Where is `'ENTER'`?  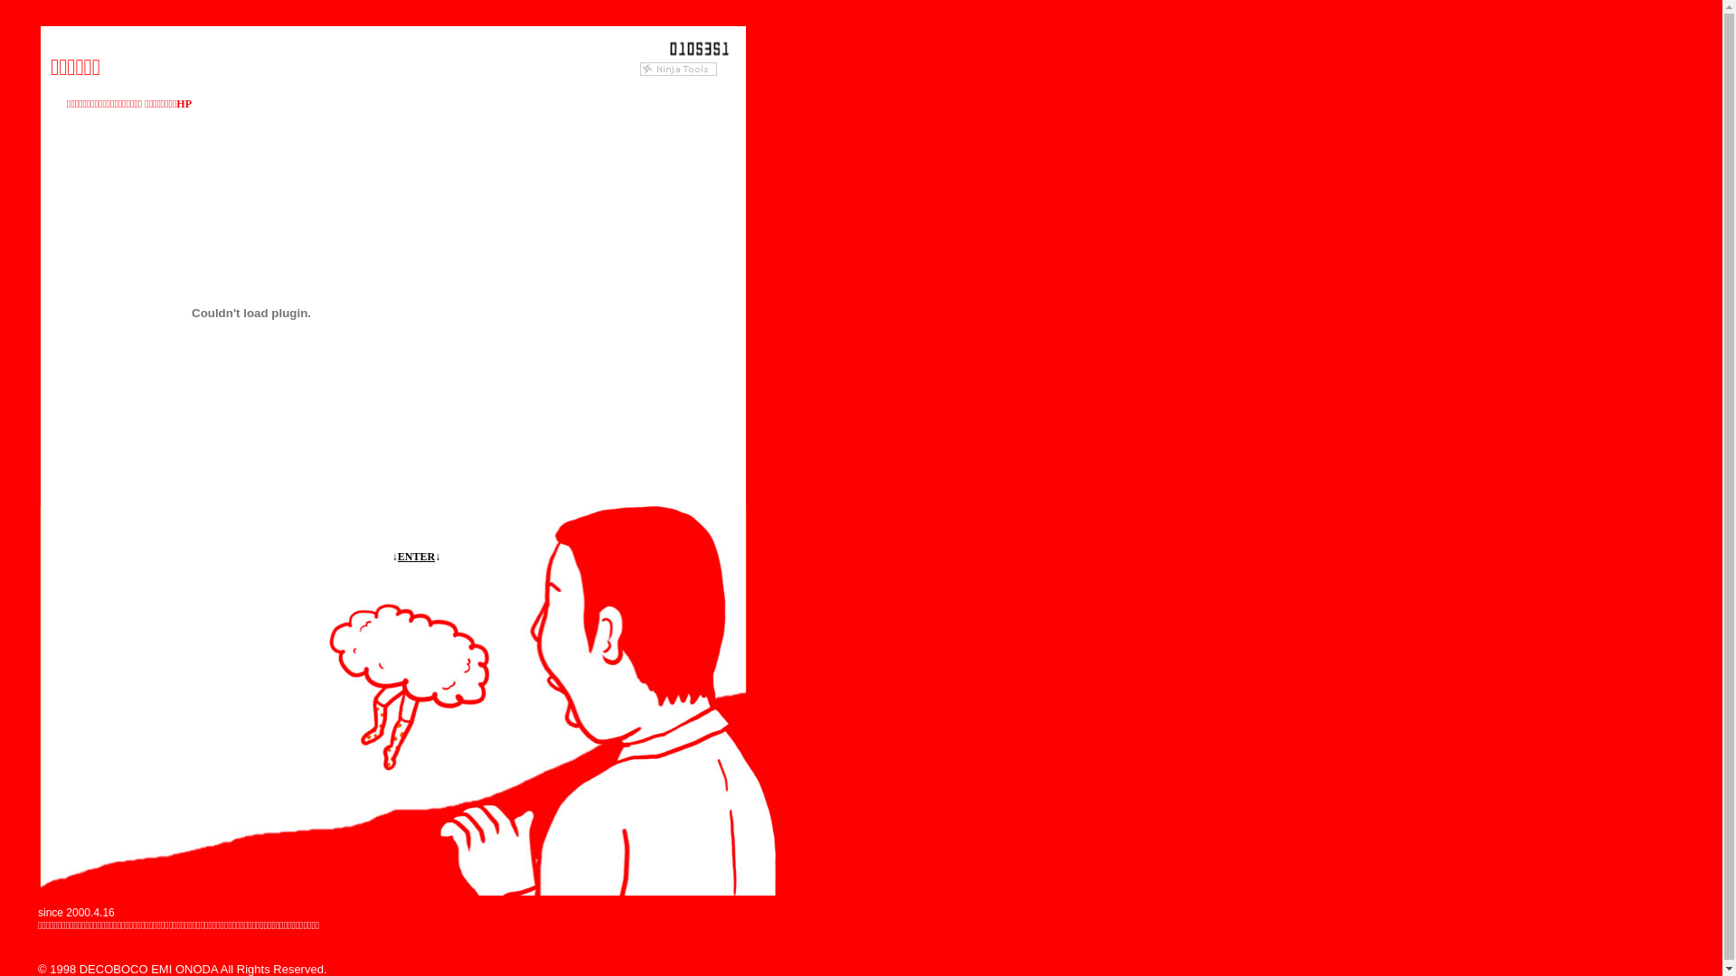
'ENTER' is located at coordinates (397, 556).